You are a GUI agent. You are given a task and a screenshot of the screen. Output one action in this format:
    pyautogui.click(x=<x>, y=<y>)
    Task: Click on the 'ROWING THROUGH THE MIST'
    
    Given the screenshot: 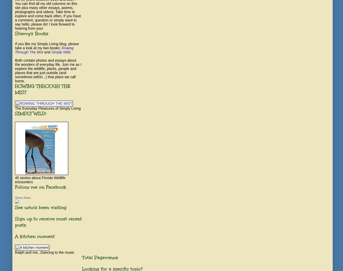 What is the action you would take?
    pyautogui.click(x=42, y=89)
    